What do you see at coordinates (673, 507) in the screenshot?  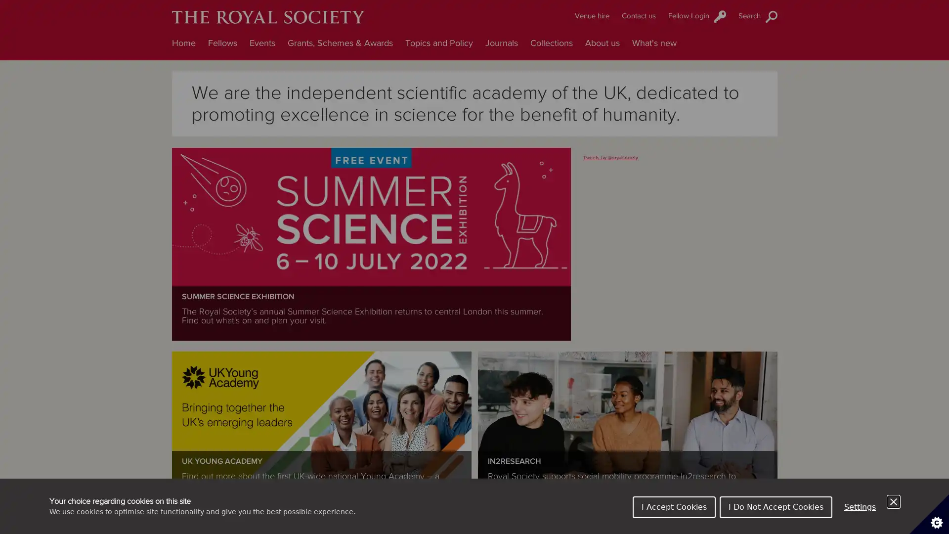 I see `I Accept Cookies` at bounding box center [673, 507].